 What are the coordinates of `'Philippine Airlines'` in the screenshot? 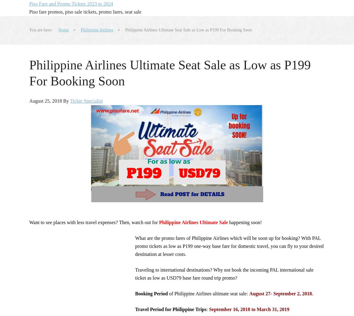 It's located at (80, 30).